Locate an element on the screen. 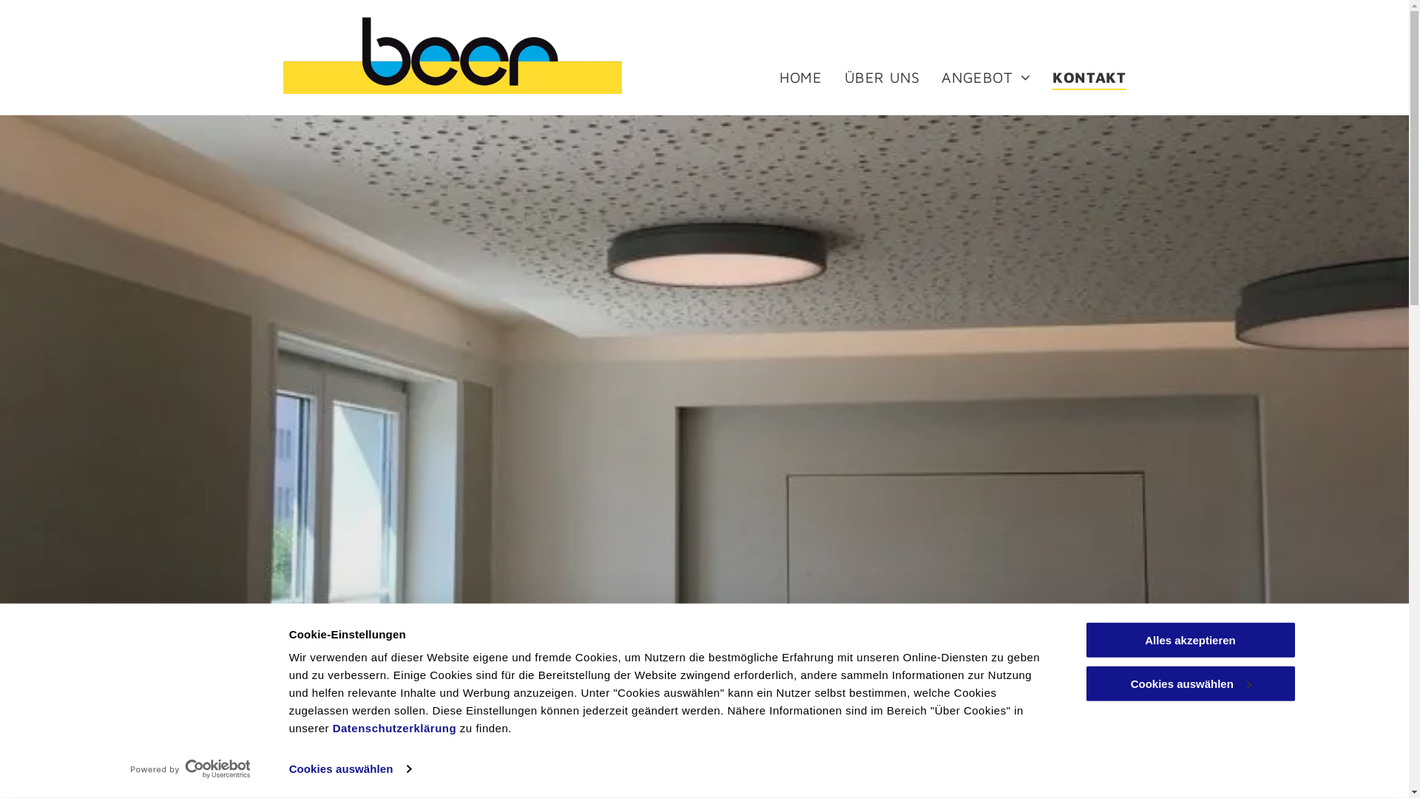  'ANGEBOT' is located at coordinates (975, 79).